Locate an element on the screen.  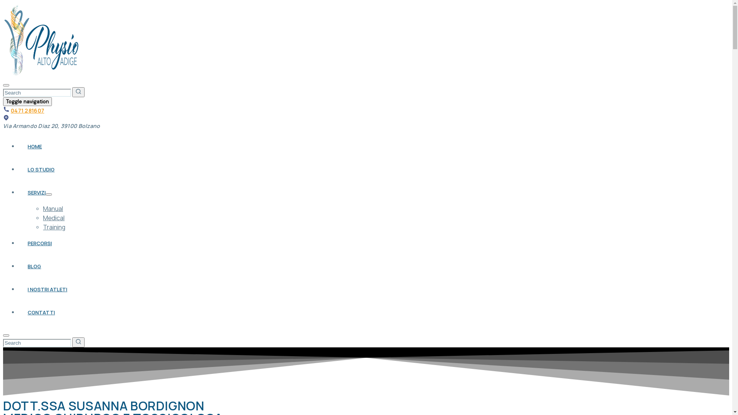
'Manual' is located at coordinates (42, 209).